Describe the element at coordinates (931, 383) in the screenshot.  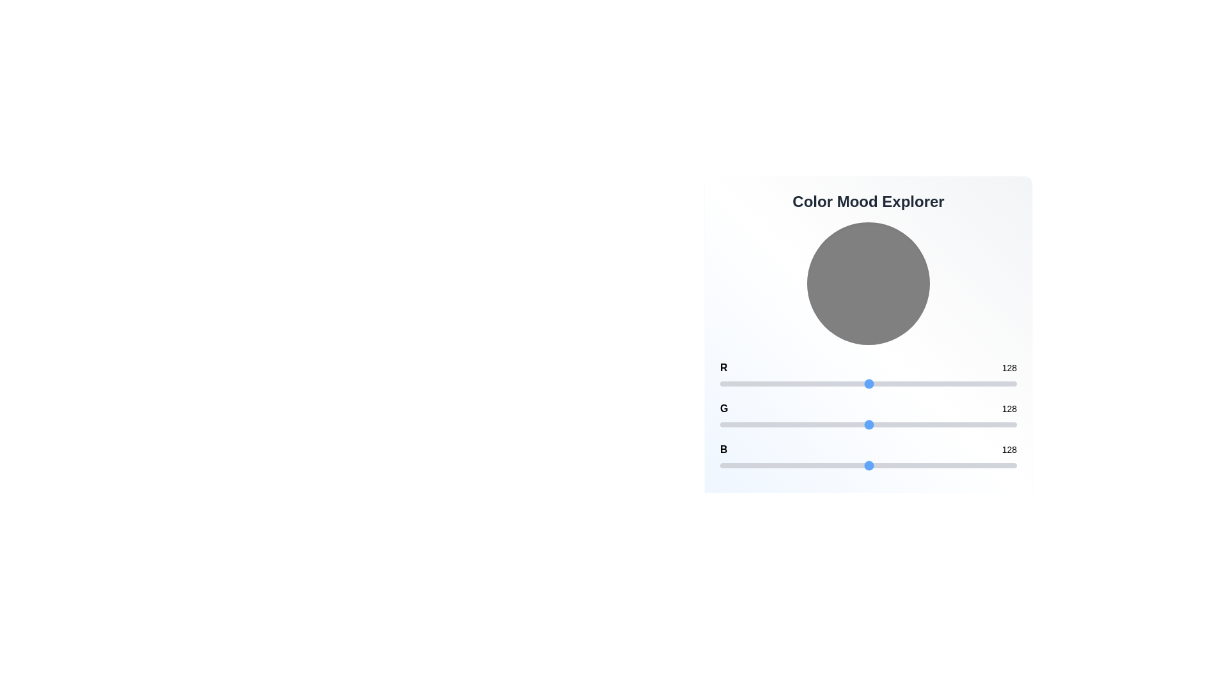
I see `the red channel slider to 181 value` at that location.